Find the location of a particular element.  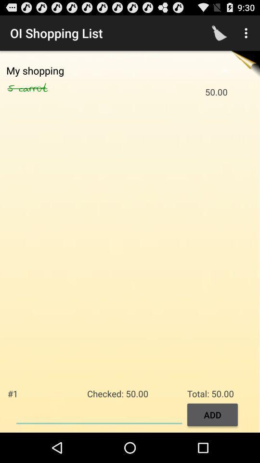

the icon next to the 50.00 is located at coordinates (43, 88).